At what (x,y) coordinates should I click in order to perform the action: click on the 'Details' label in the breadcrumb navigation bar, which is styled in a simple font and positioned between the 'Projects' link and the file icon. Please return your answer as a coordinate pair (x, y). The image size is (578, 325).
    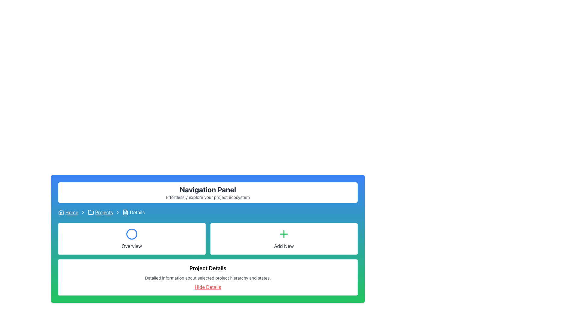
    Looking at the image, I should click on (137, 212).